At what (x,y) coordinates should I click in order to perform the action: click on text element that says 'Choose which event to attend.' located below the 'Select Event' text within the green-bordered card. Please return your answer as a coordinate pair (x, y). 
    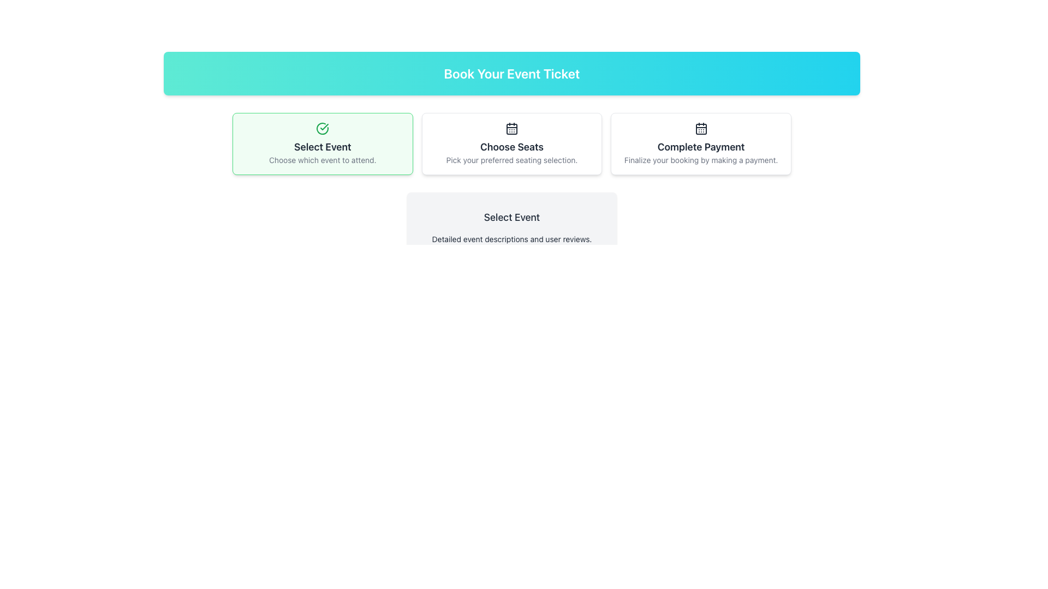
    Looking at the image, I should click on (322, 160).